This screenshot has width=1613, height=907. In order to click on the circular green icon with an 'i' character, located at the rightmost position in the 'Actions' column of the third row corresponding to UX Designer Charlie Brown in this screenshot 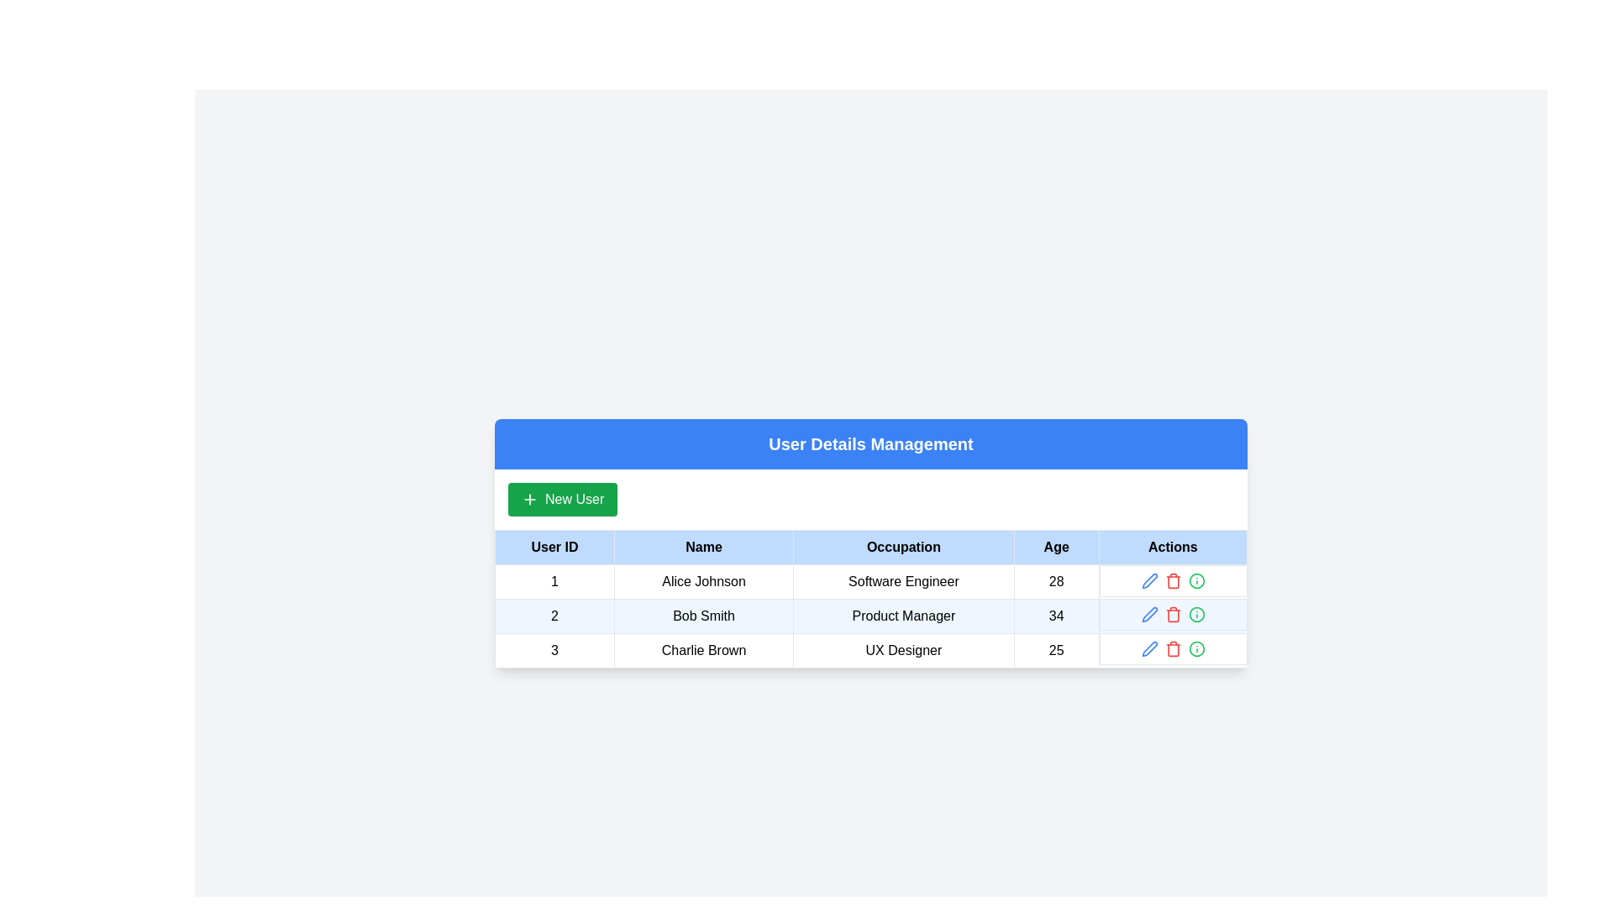, I will do `click(1195, 579)`.